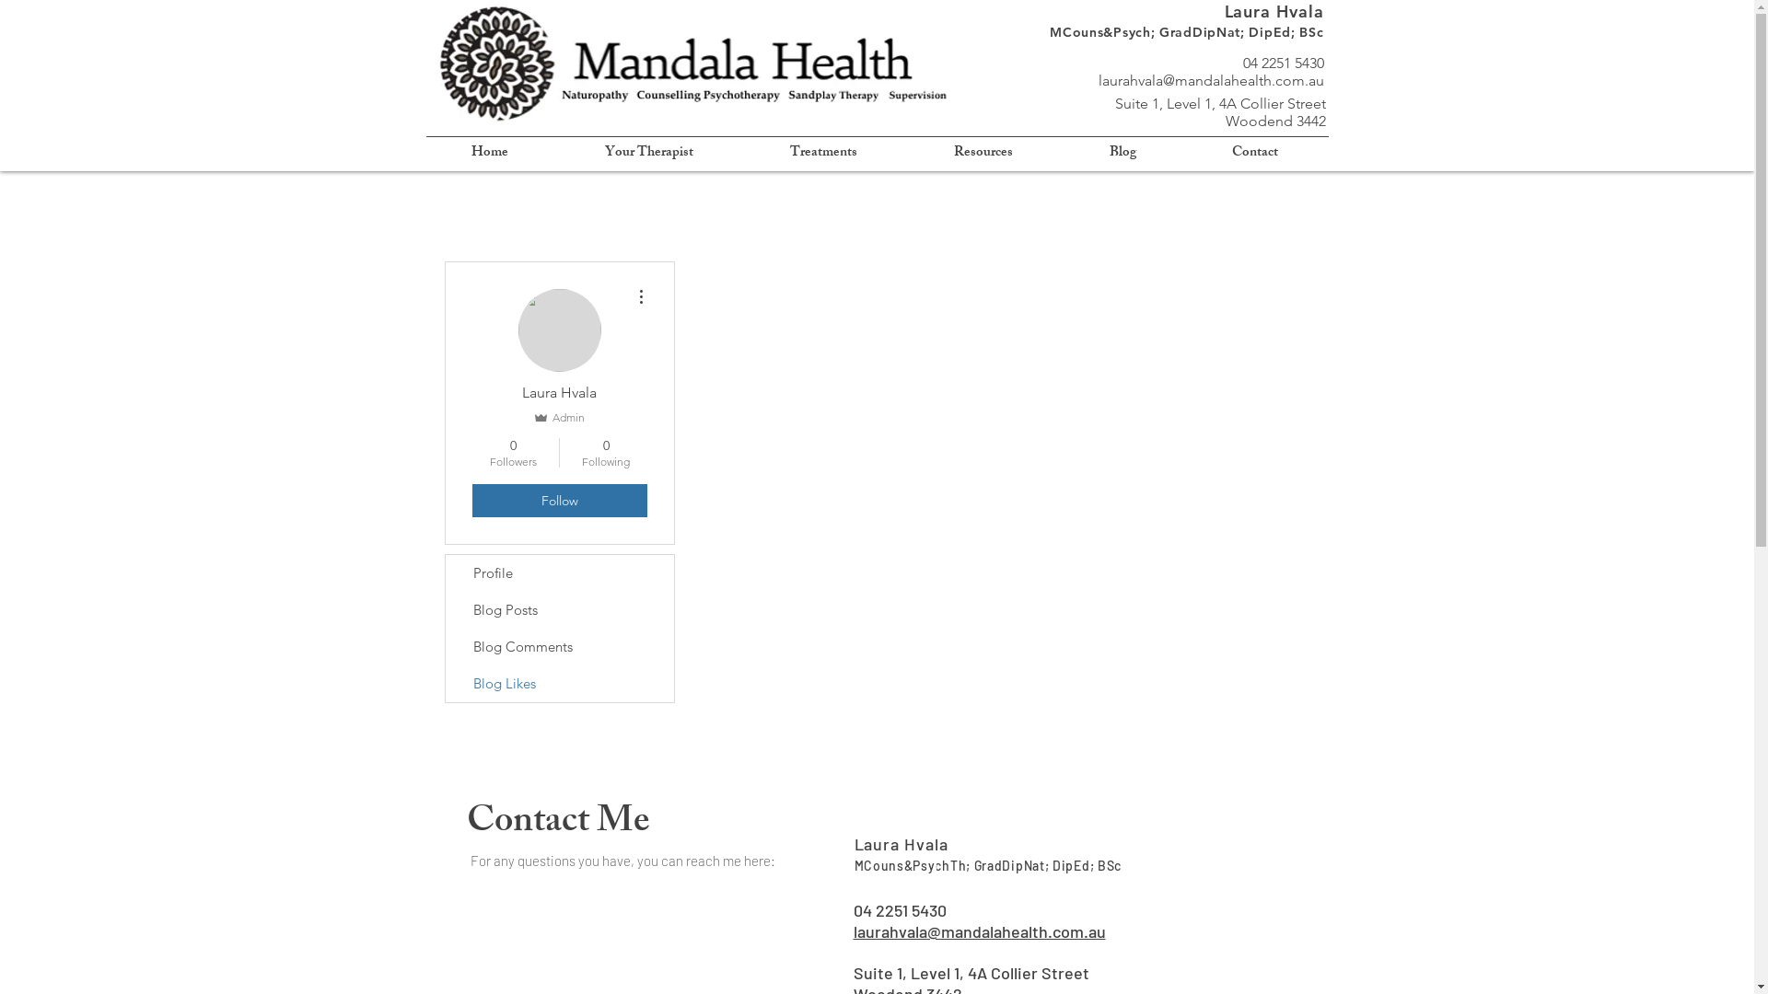 Image resolution: width=1768 pixels, height=994 pixels. Describe the element at coordinates (446, 610) in the screenshot. I see `'Blog Posts'` at that location.